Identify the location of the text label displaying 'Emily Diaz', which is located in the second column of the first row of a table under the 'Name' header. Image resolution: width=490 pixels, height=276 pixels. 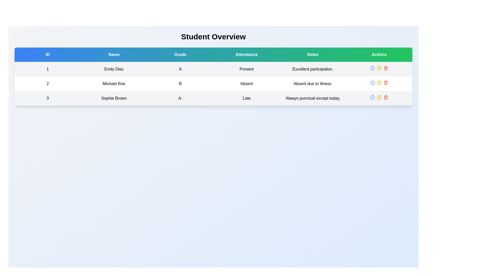
(114, 69).